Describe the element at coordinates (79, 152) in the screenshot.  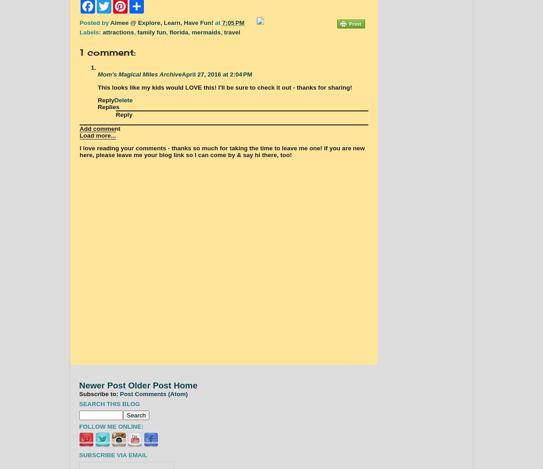
I see `'I love reading your comments - thanks so much for taking the time to leave me one!  If you are new here, please leave me your blog link so I can come by & say hi there, too!'` at that location.